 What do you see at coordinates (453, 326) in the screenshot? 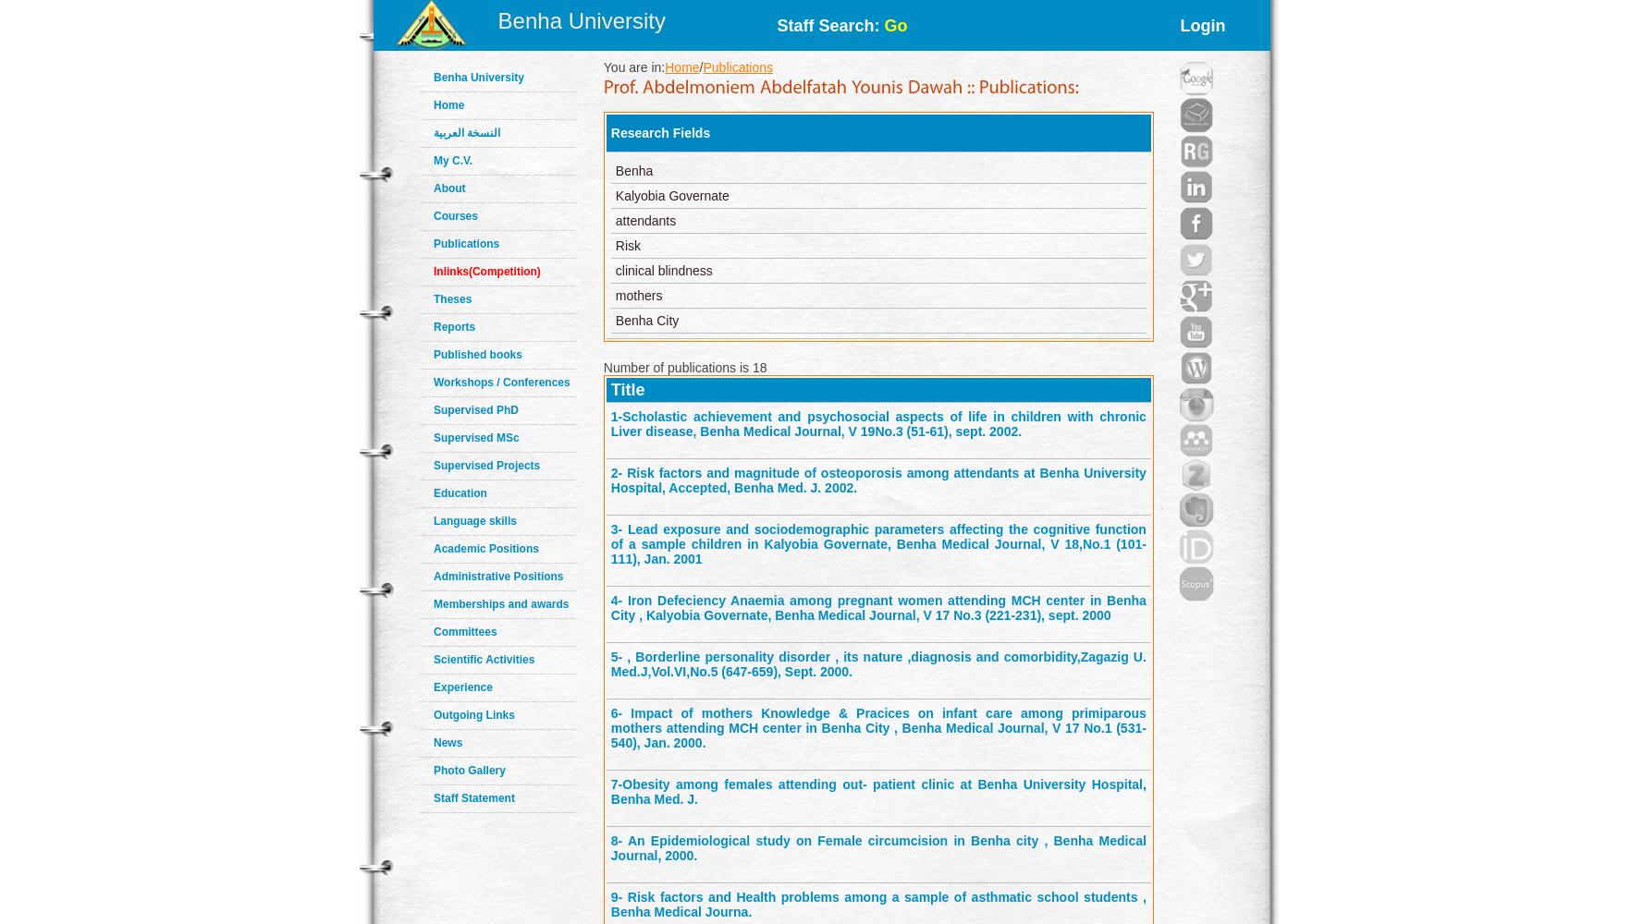
I see `'Reports'` at bounding box center [453, 326].